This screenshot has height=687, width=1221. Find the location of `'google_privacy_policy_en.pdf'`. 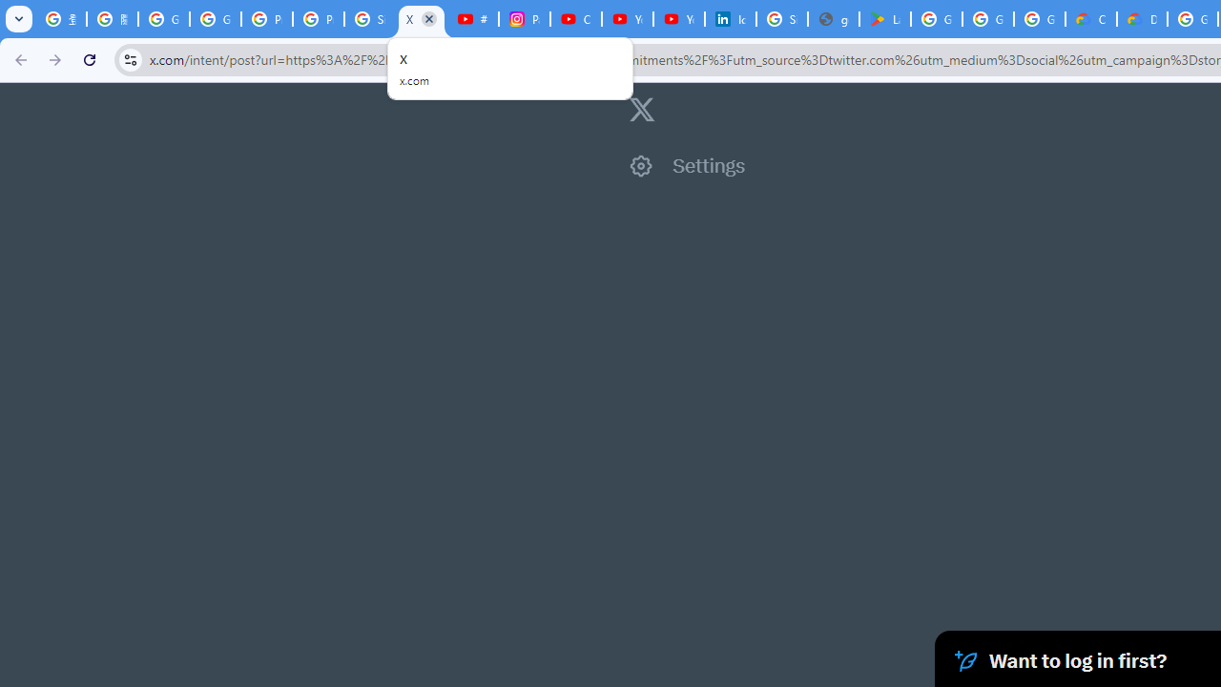

'google_privacy_policy_en.pdf' is located at coordinates (834, 19).